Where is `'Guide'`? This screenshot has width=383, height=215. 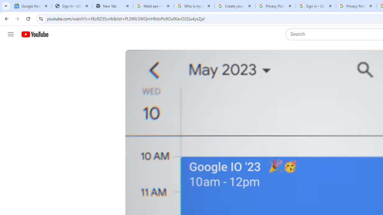 'Guide' is located at coordinates (10, 34).